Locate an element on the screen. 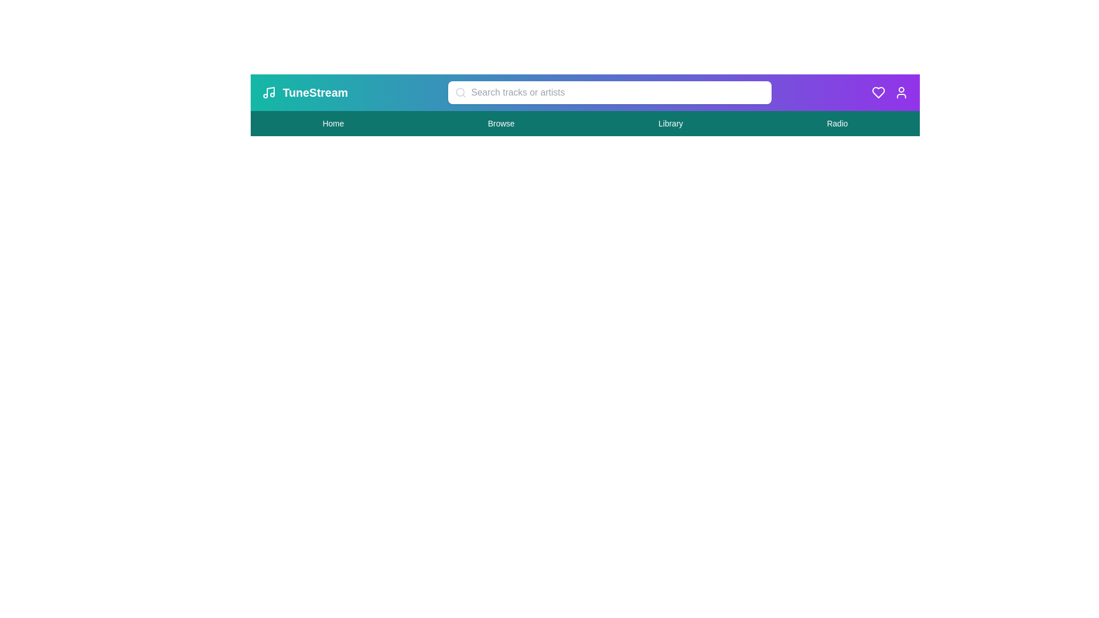 Image resolution: width=1099 pixels, height=618 pixels. the 'Radio' navigation link is located at coordinates (837, 124).